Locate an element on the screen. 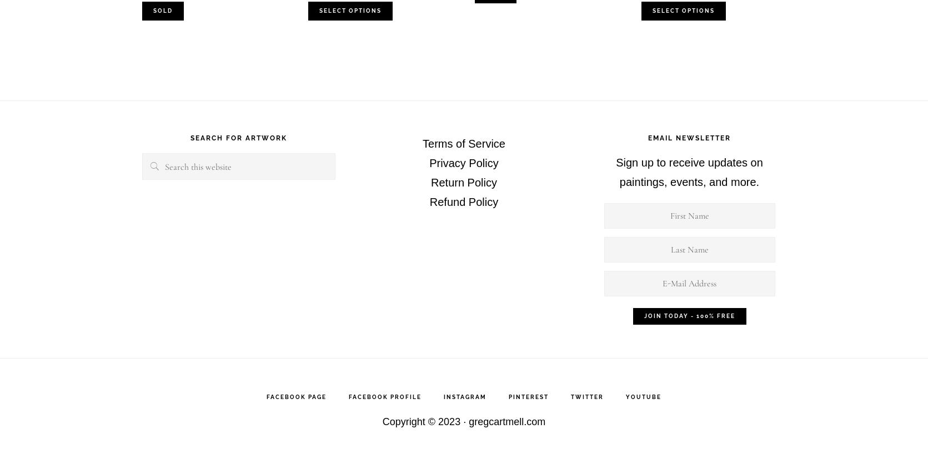 The height and width of the screenshot is (459, 928). 'Refund Policy' is located at coordinates (429, 200).